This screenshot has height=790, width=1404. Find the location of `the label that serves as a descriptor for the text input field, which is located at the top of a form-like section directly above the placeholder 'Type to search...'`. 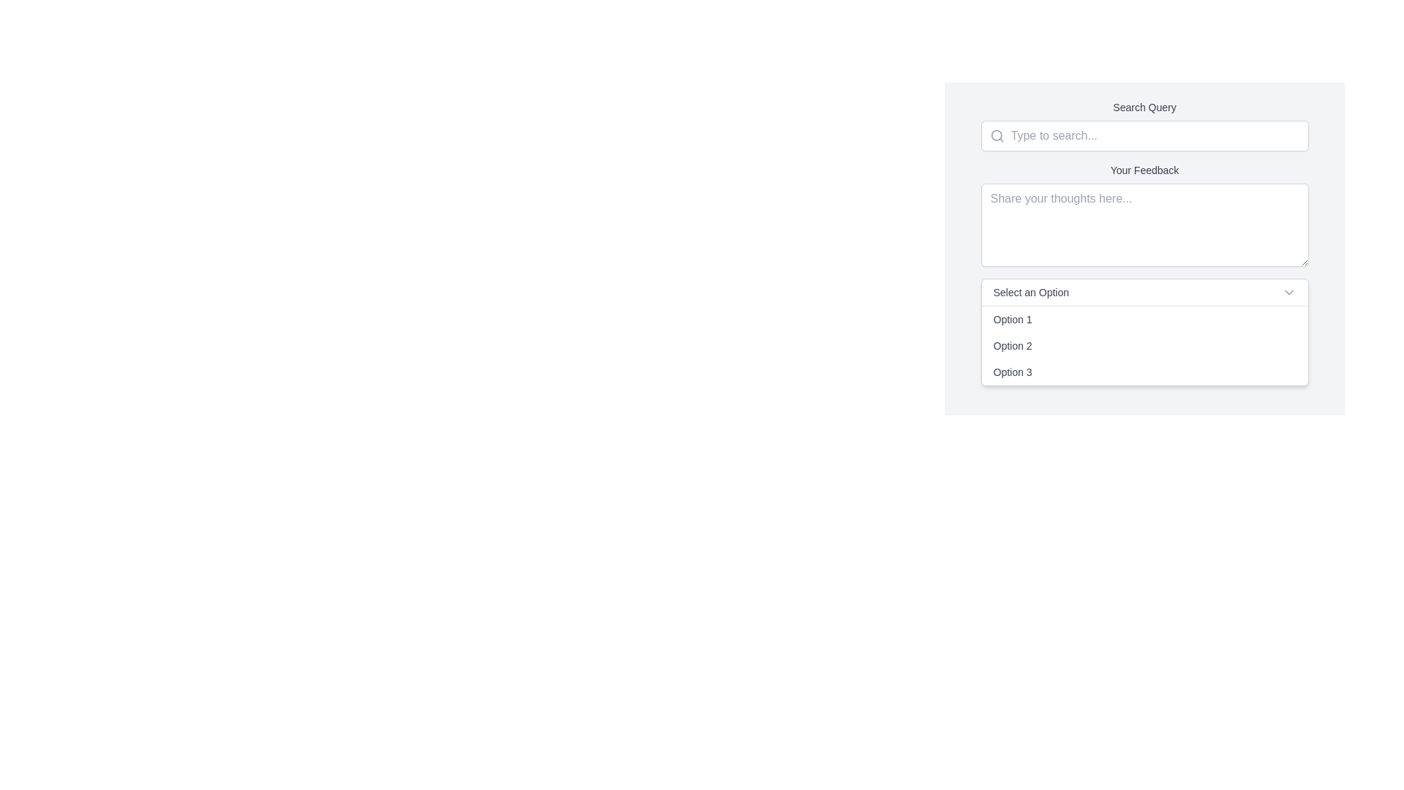

the label that serves as a descriptor for the text input field, which is located at the top of a form-like section directly above the placeholder 'Type to search...' is located at coordinates (1144, 106).